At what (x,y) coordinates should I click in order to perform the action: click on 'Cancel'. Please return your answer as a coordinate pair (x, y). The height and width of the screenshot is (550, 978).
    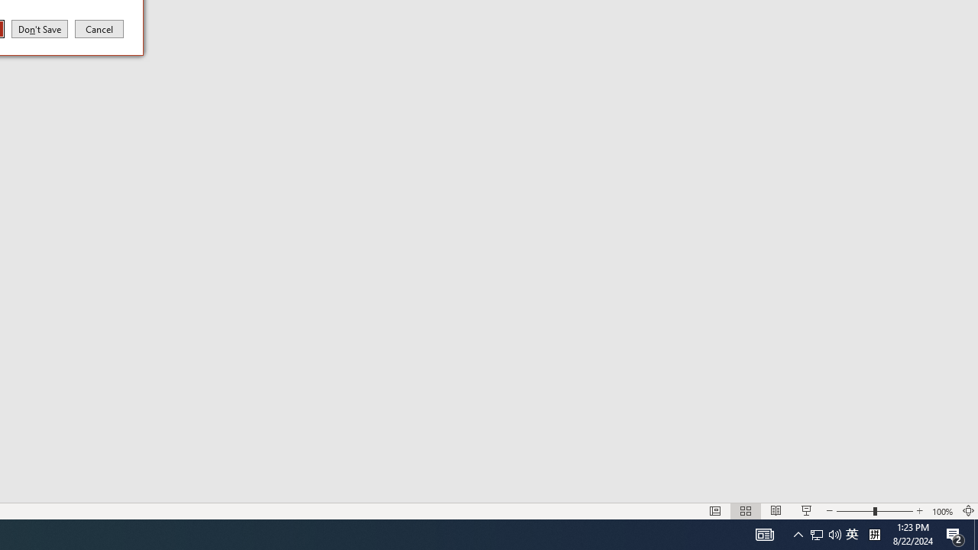
    Looking at the image, I should click on (99, 28).